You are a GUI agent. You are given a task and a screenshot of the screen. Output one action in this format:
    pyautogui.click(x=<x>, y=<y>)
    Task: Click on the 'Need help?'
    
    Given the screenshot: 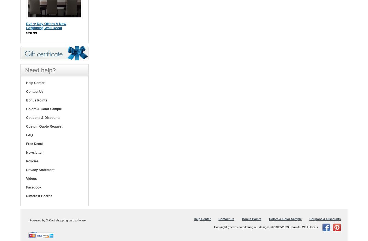 What is the action you would take?
    pyautogui.click(x=40, y=70)
    